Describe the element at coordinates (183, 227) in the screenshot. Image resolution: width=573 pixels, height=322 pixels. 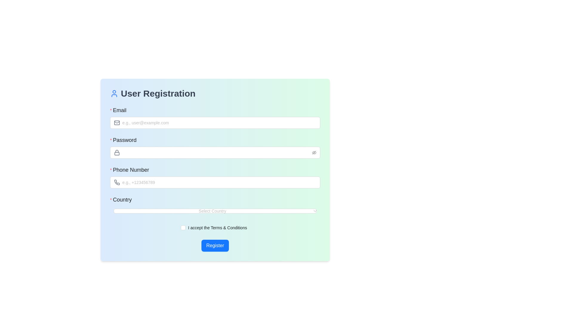
I see `the checkbox located to the immediate left of the text label 'I accept the Terms & Conditions'` at that location.